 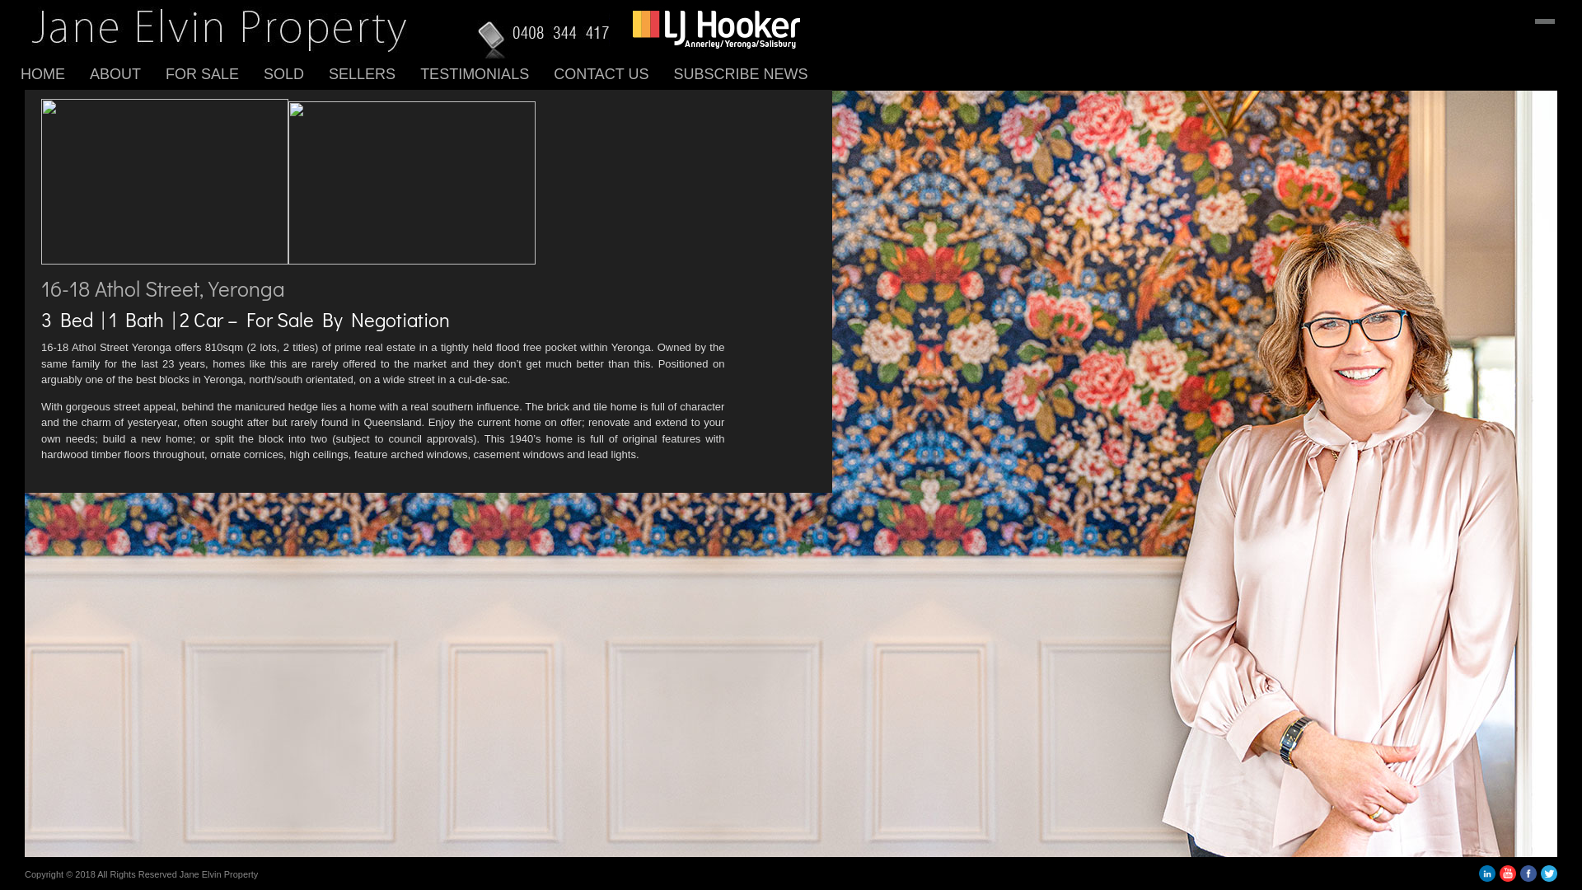 I want to click on 'HOME', so click(x=55, y=73).